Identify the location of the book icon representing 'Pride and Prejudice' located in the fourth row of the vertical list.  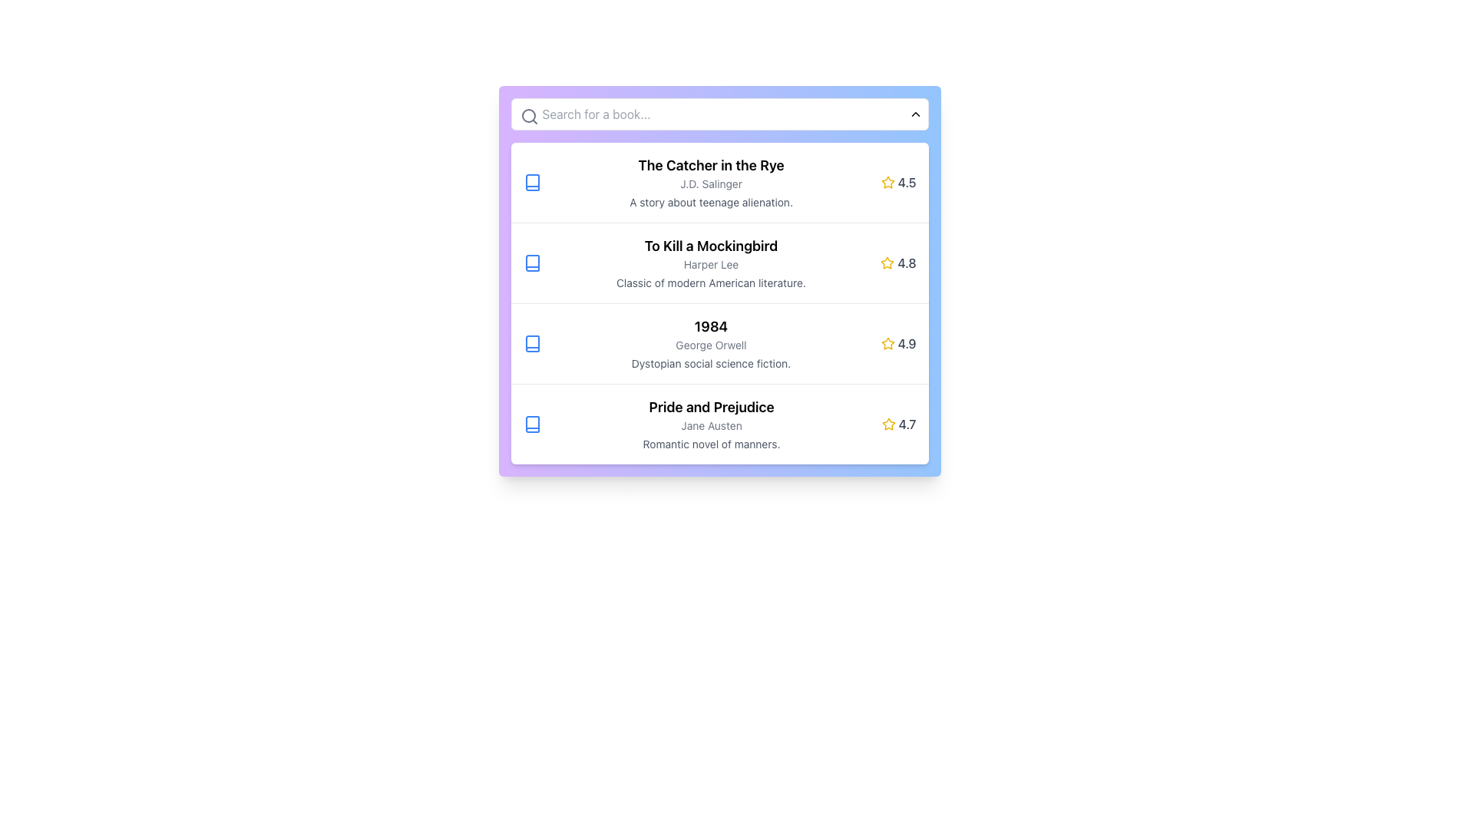
(532, 424).